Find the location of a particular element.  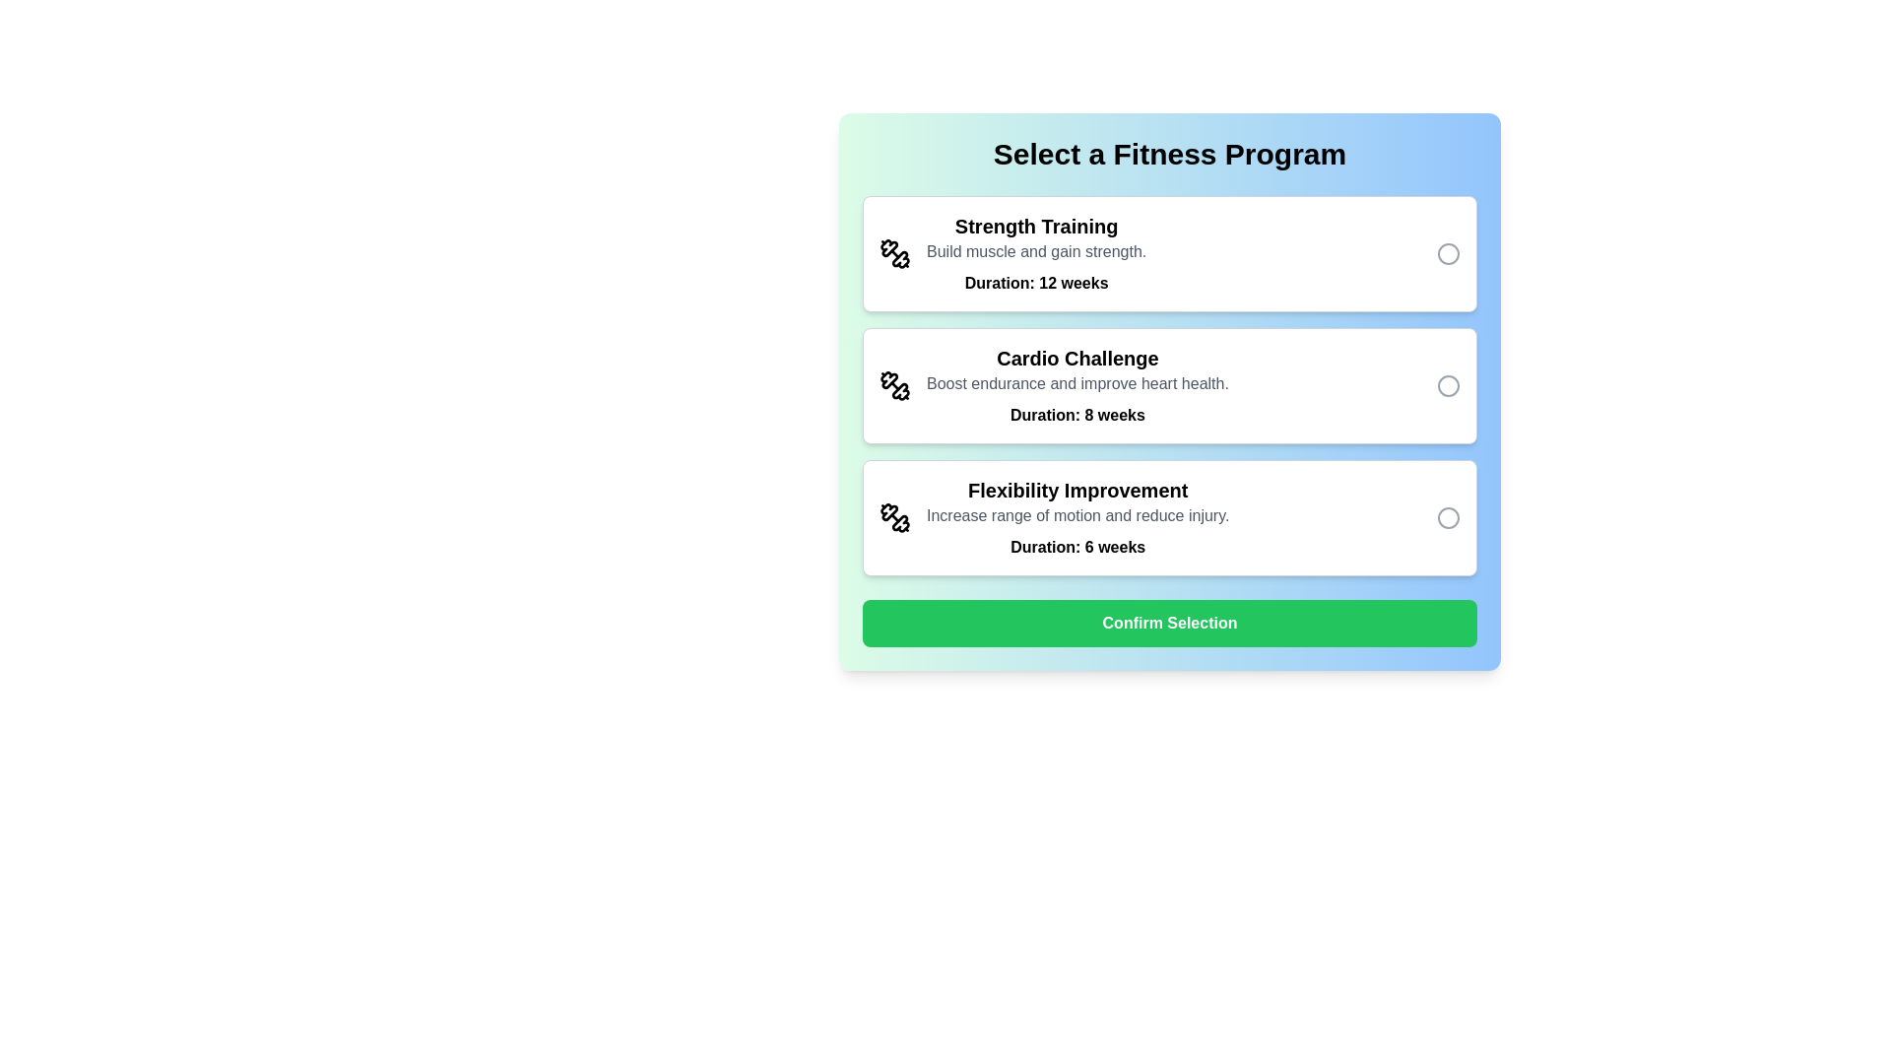

the text element containing 'Build muscle and gain strength.' which is styled in gray color and positioned beneath the title 'Strength Training' in the fitness program card is located at coordinates (1035, 250).